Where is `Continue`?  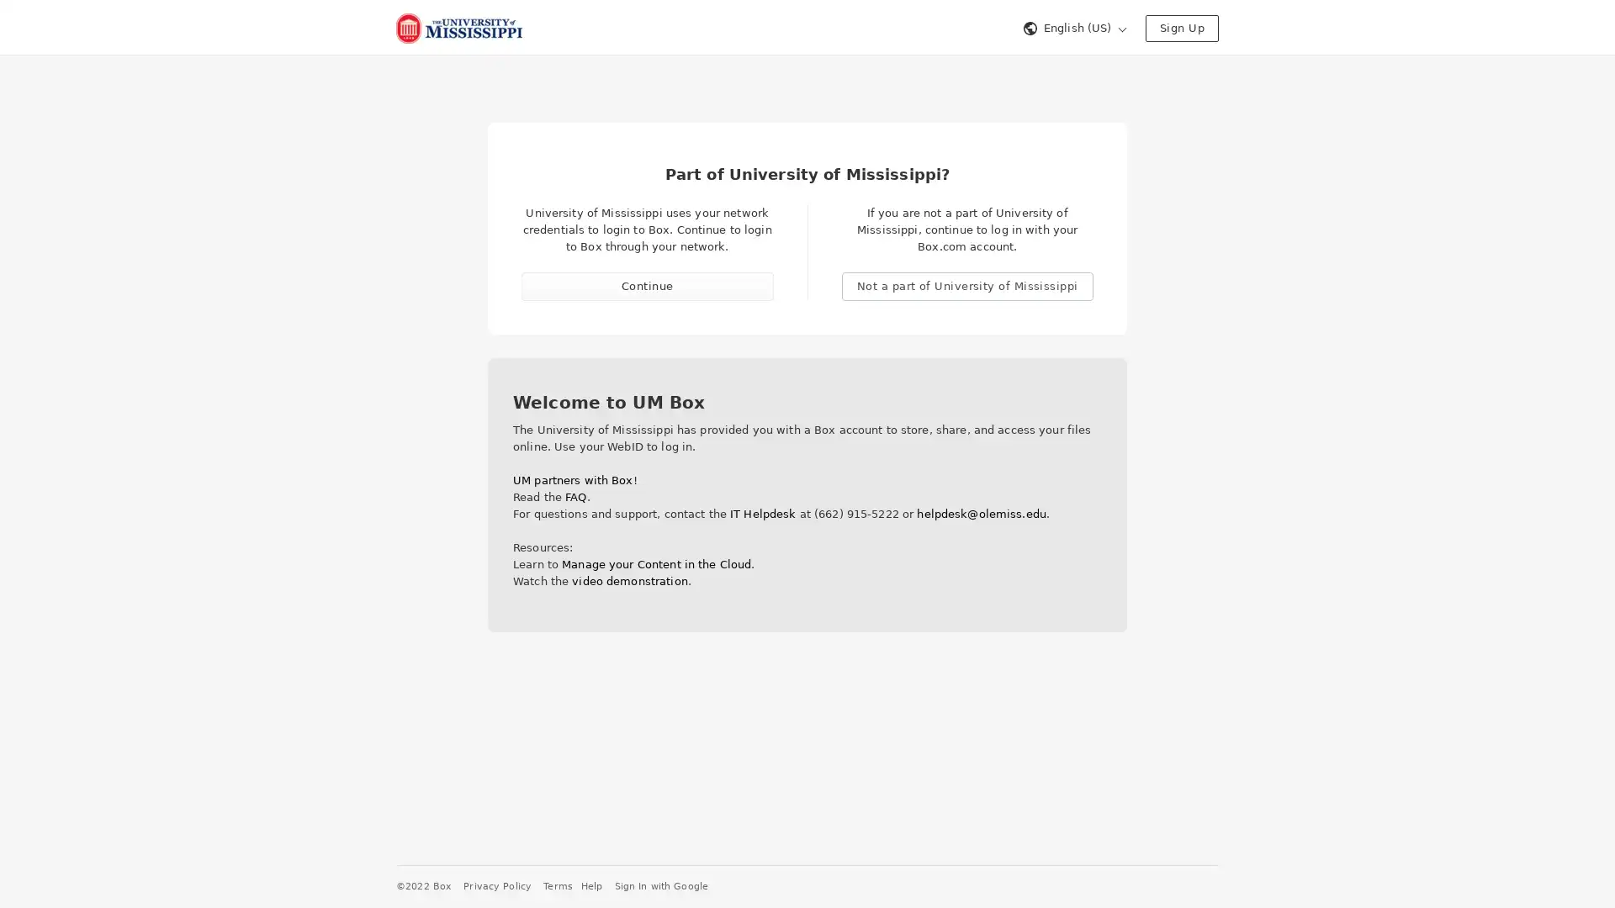 Continue is located at coordinates (646, 285).